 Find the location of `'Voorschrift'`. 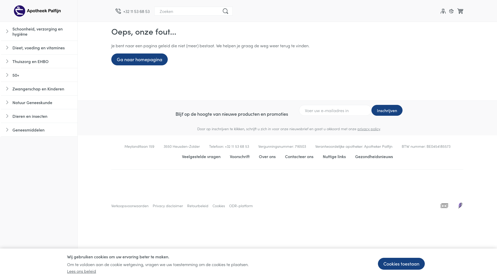

'Voorschrift' is located at coordinates (239, 156).